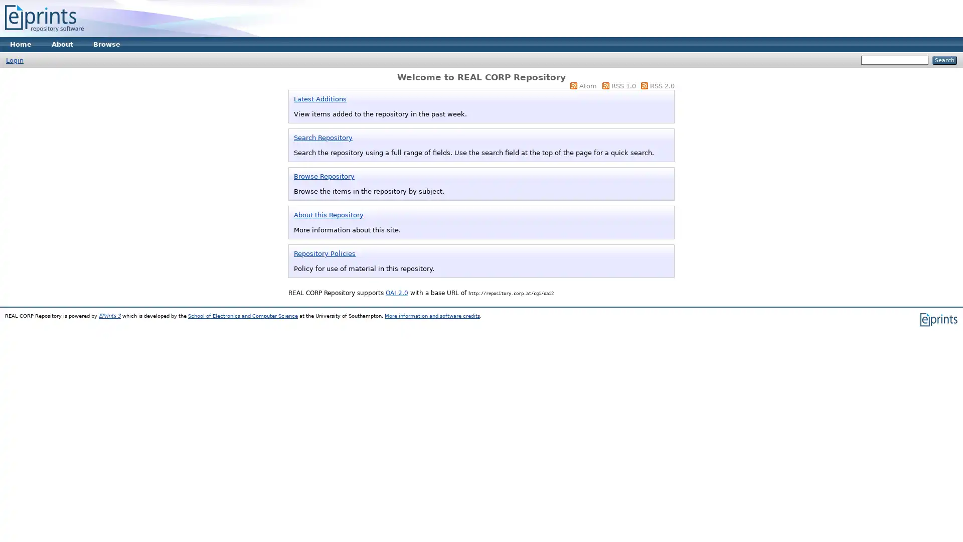 This screenshot has height=542, width=963. Describe the element at coordinates (944, 60) in the screenshot. I see `Search` at that location.